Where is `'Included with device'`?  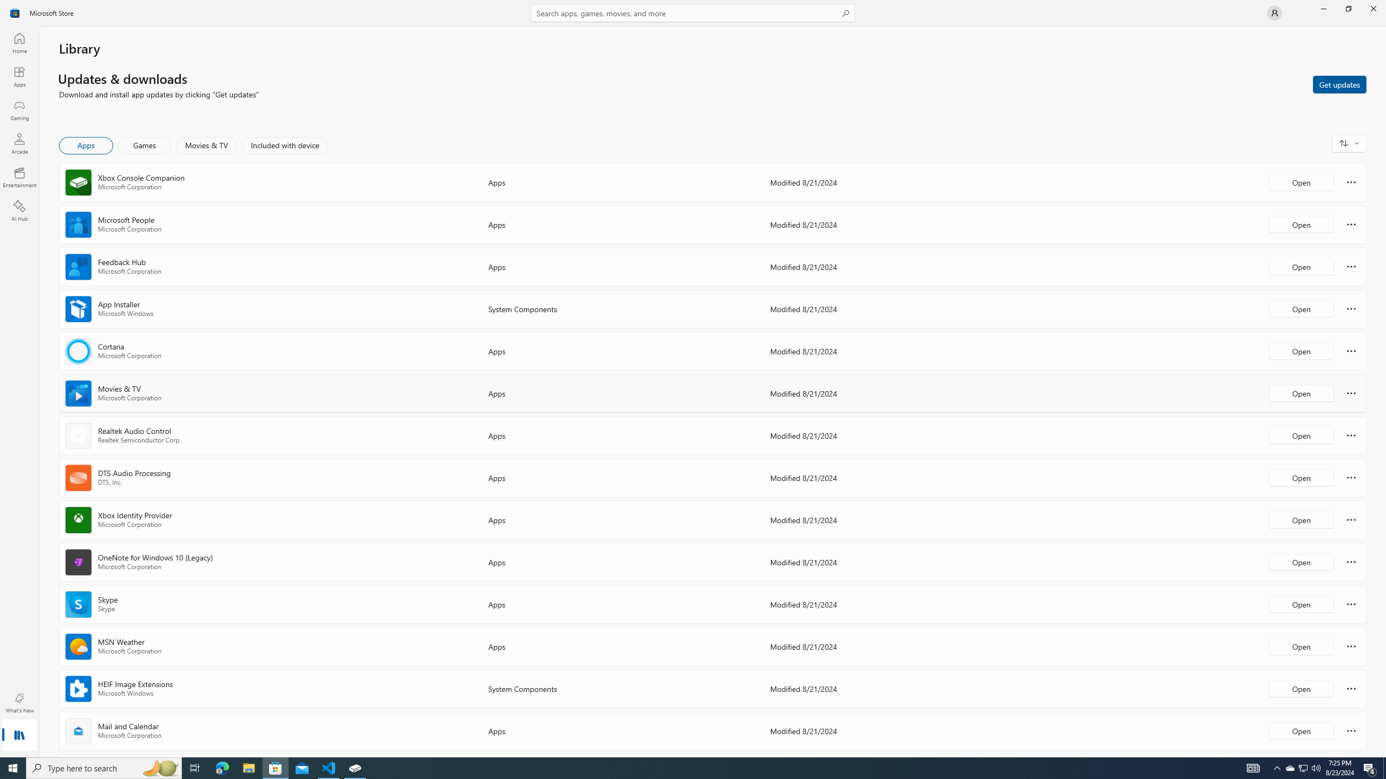 'Included with device' is located at coordinates (284, 145).